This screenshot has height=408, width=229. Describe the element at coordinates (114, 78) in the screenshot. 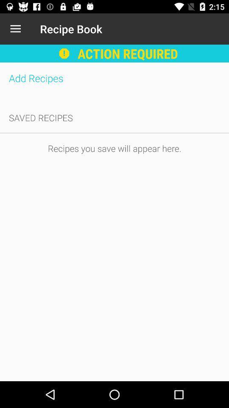

I see `add recipes` at that location.